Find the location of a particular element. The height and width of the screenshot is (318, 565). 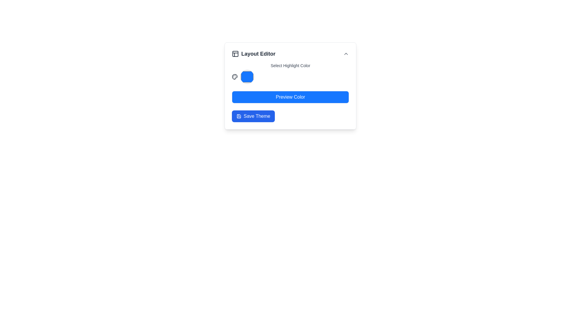

the rectangular blue button labeled 'Preview Color' is located at coordinates (290, 92).